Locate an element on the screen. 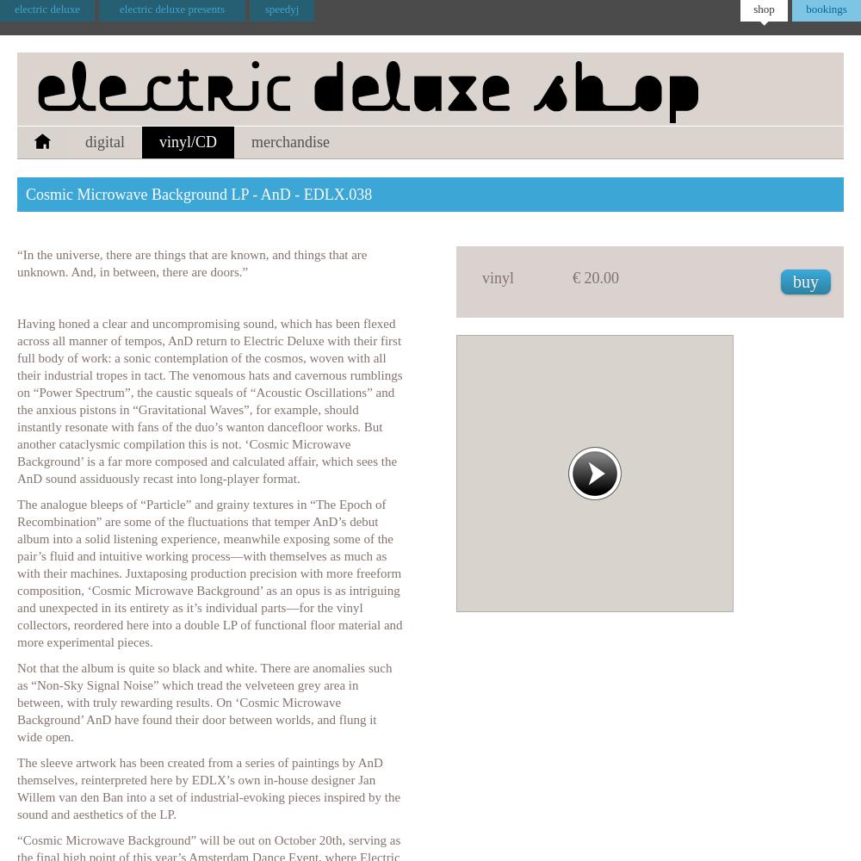 This screenshot has height=861, width=861. 'The analogue bleeps of “Particle” and grainy textures in “The Epoch of Recombination” are some of the fluctuations that temper AnD’s debut album into a solid listening experience, meanwhile exposing some of the pair’s fluid and intuitive working process—with themselves as much as with their machines. Juxtaposing production precision with more freeform composition, ‘Cosmic Microwave Background’ as an opus is as intriguing and unexpected in its entirety as it’s individual parts—for the vinyl collectors, reordered here into a double LP of functional floor material and more experimental pieces.' is located at coordinates (208, 573).